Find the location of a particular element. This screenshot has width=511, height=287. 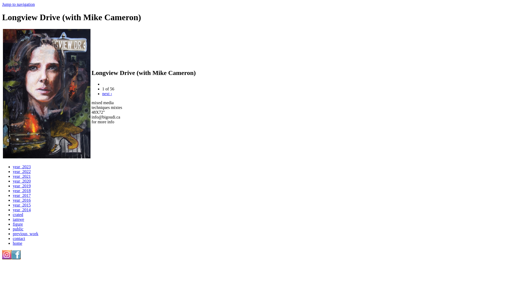

'previous_work' is located at coordinates (25, 233).